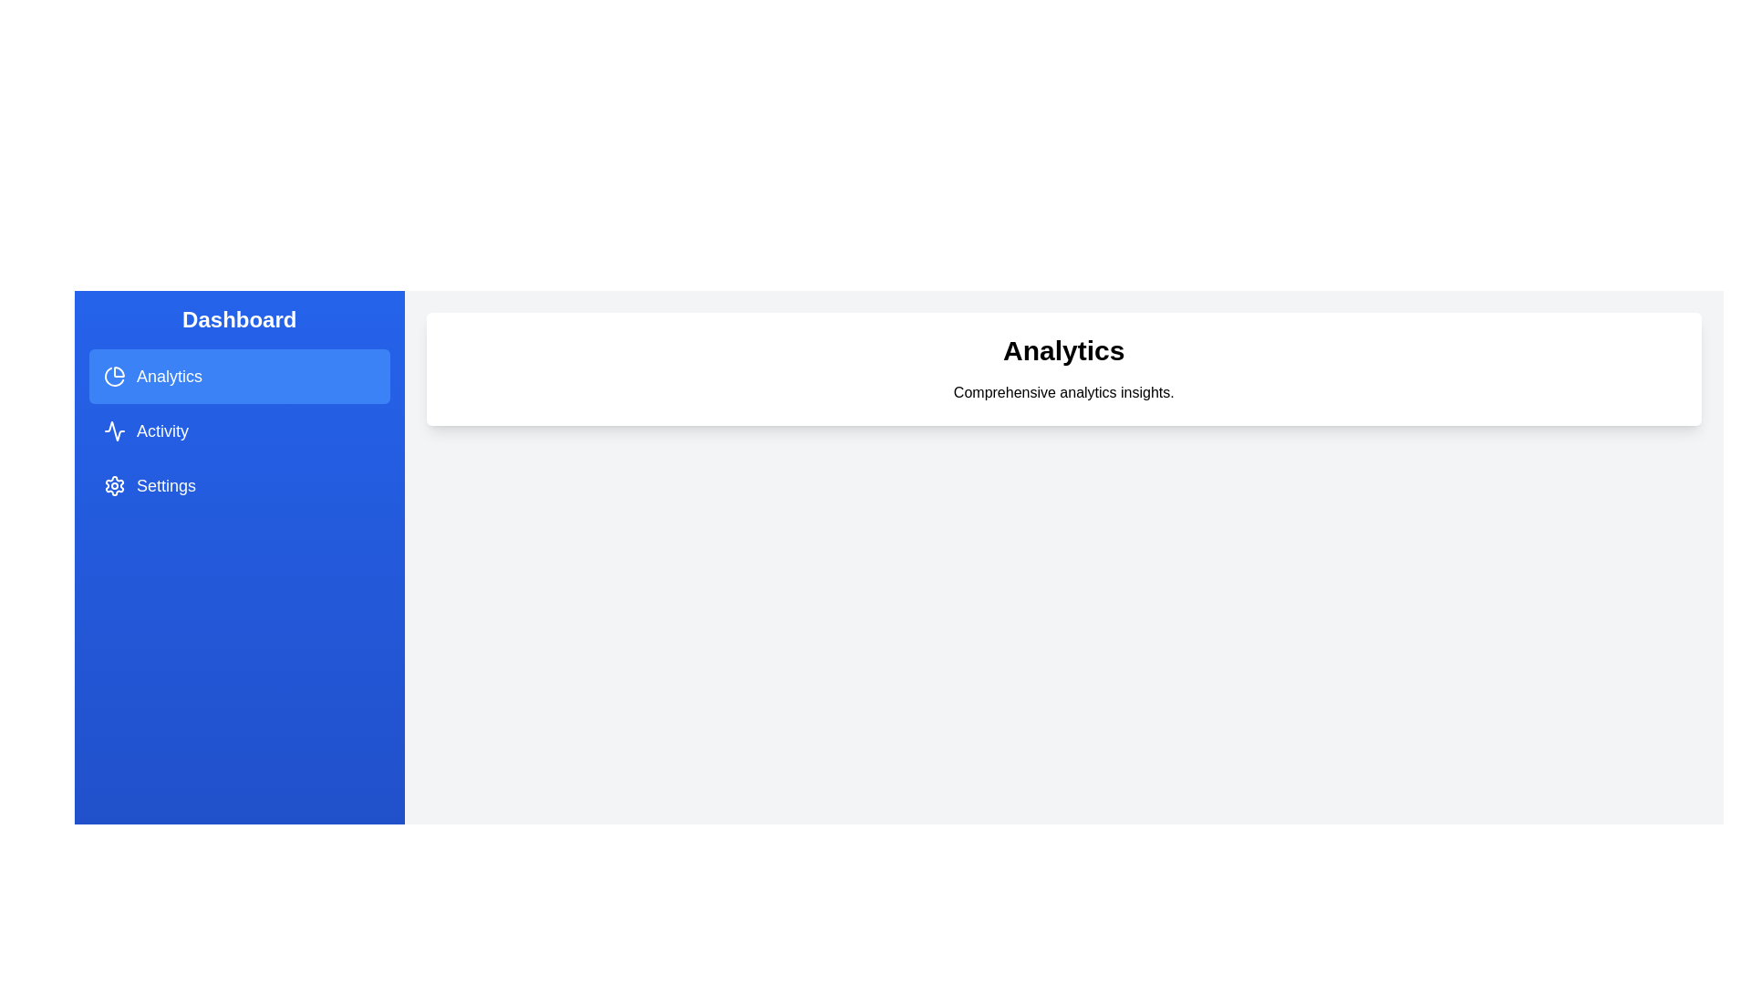 The image size is (1751, 985). I want to click on the 'Settings' icon in the vertical sidebar menu, which is positioned to the left of the text label 'Settings', so click(113, 484).